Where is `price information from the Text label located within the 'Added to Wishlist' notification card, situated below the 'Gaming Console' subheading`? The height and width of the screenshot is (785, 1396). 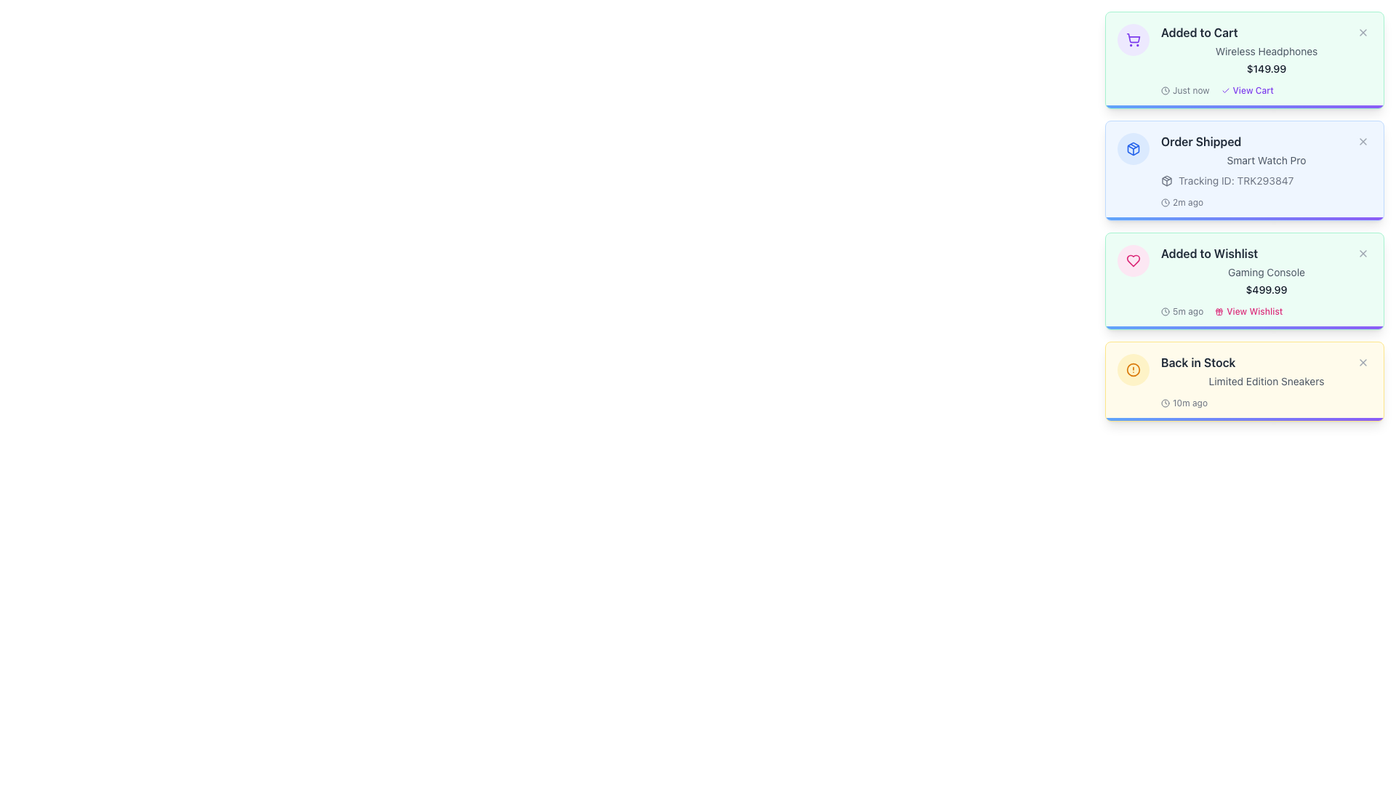
price information from the Text label located within the 'Added to Wishlist' notification card, situated below the 'Gaming Console' subheading is located at coordinates (1266, 289).